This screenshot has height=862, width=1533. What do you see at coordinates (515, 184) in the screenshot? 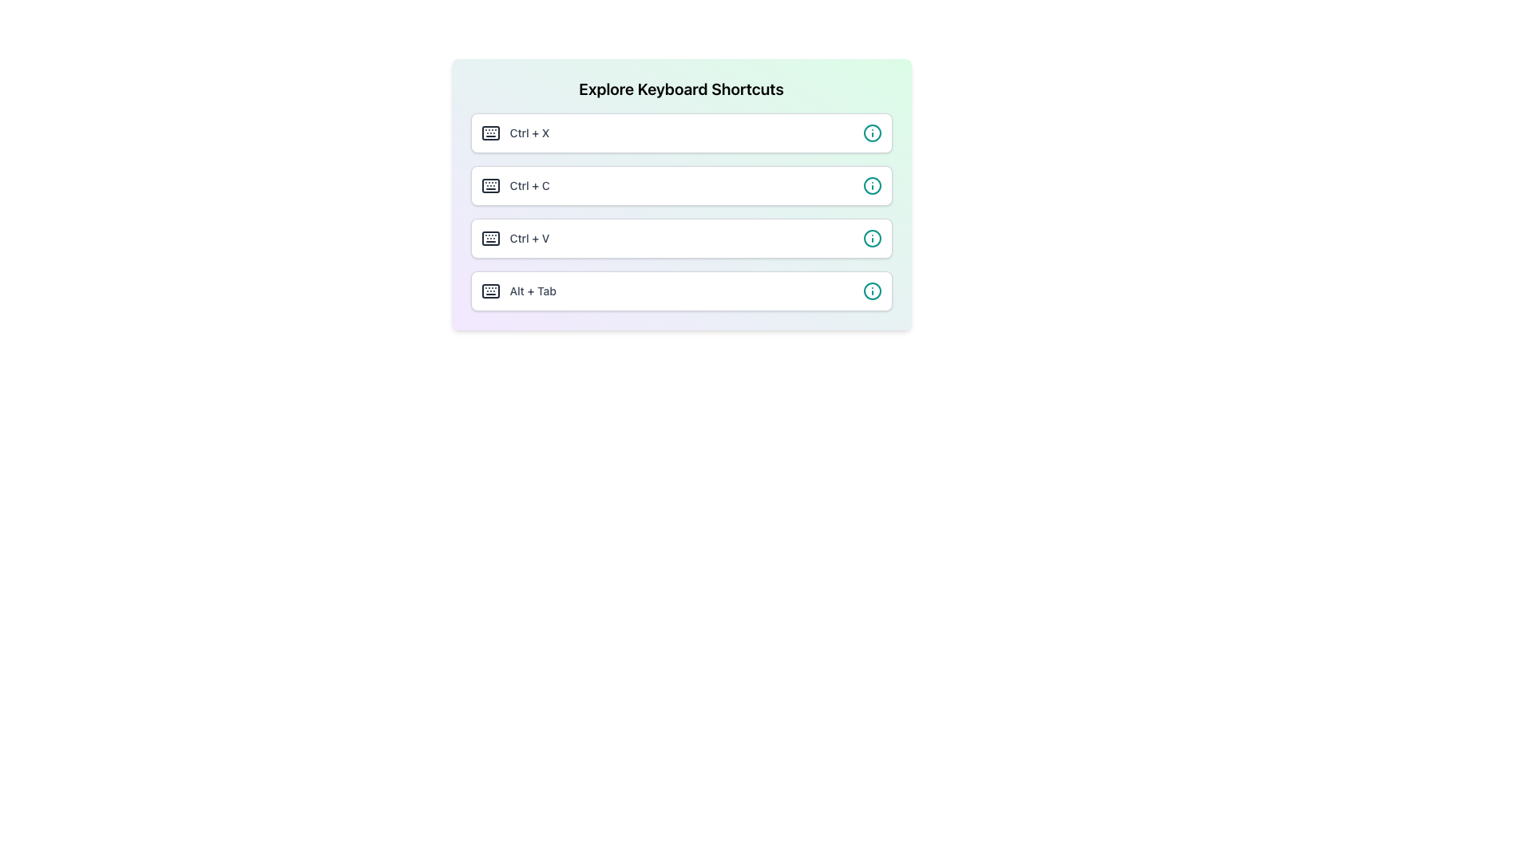
I see `the text element displaying 'Ctrl + C' which is styled in a moderate-sized, dark sans-serif font, located below 'Ctrl + X' and above 'Ctrl + V'` at bounding box center [515, 184].